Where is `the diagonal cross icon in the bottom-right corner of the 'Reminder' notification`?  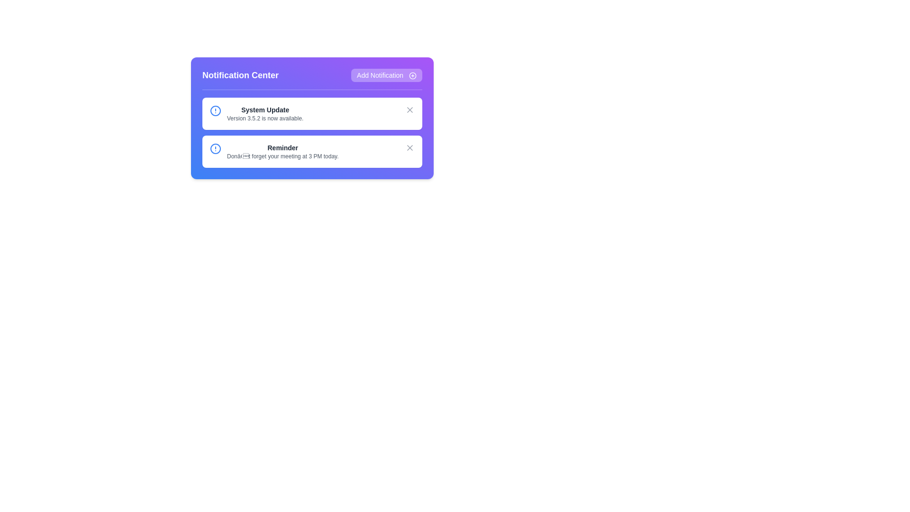 the diagonal cross icon in the bottom-right corner of the 'Reminder' notification is located at coordinates (409, 148).